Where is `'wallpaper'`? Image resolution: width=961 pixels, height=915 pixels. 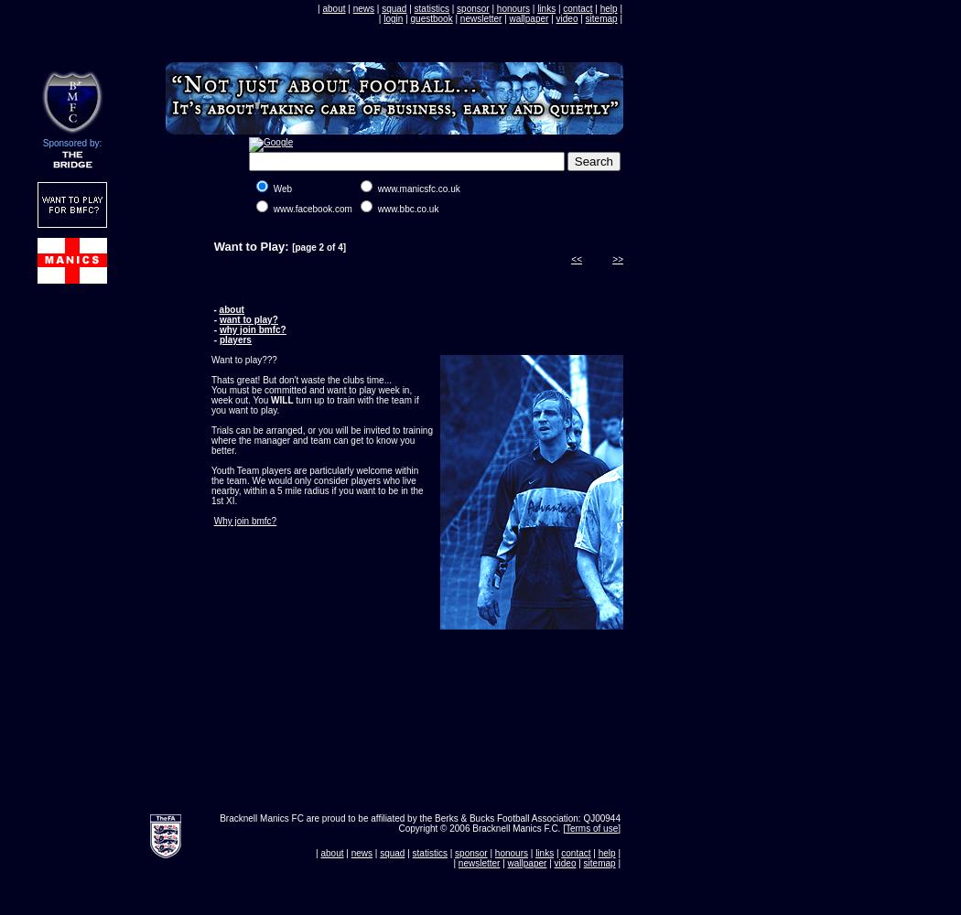
'wallpaper' is located at coordinates (527, 18).